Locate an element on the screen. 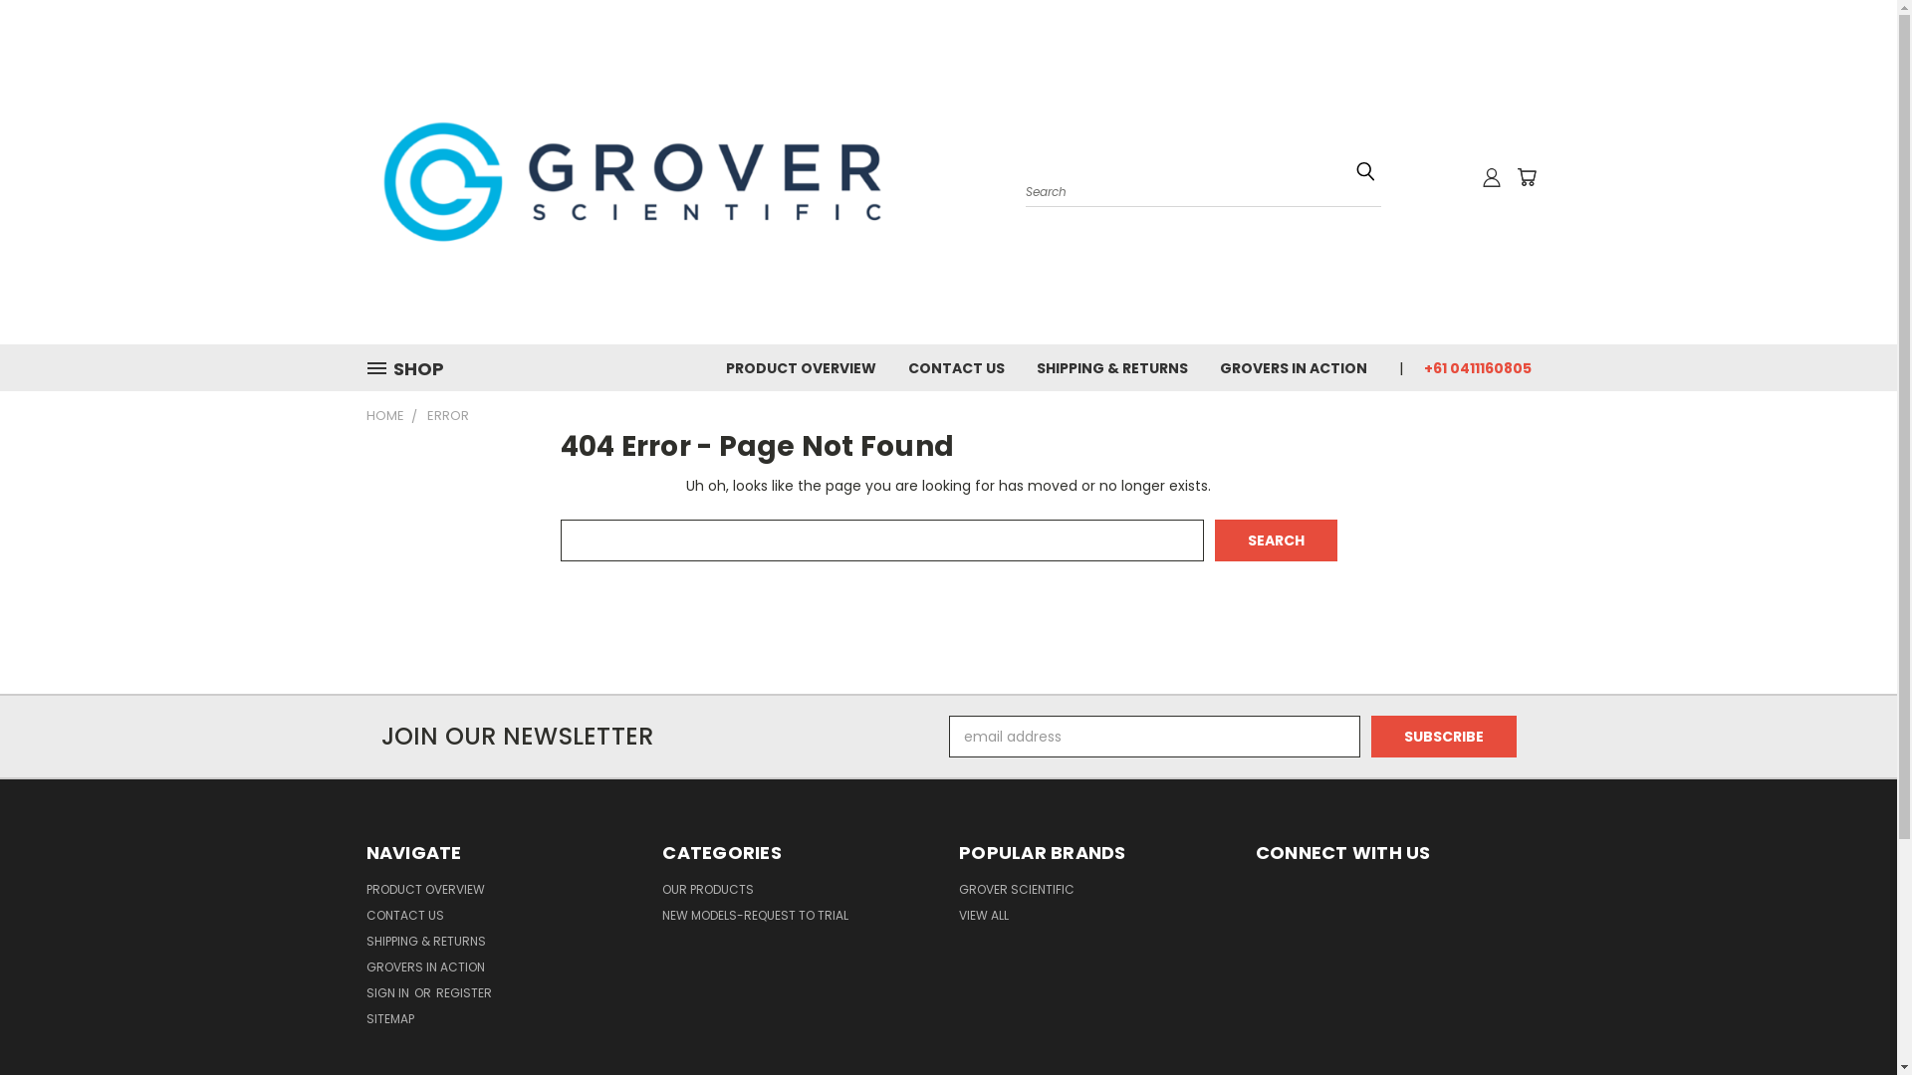 The image size is (1912, 1075). 'SIGN IN' is located at coordinates (388, 996).